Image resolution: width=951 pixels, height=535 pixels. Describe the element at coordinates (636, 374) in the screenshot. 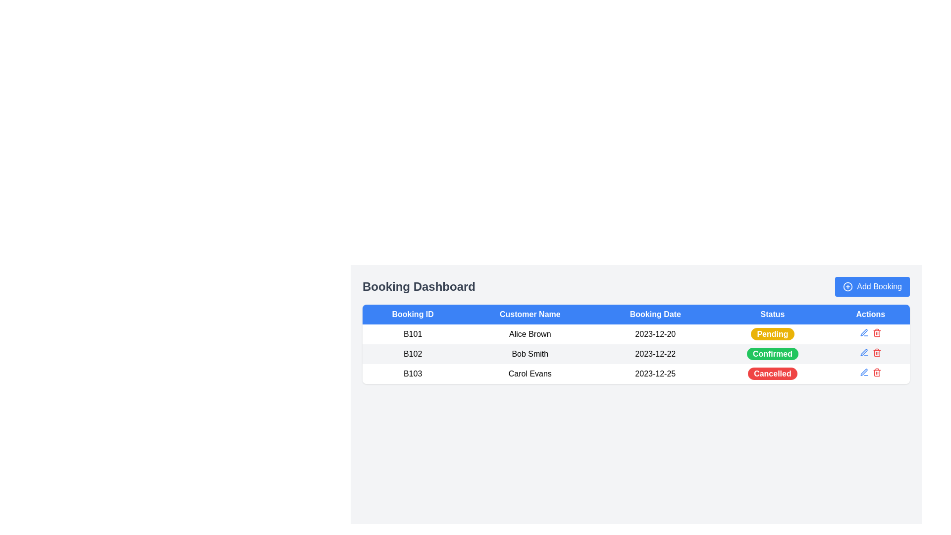

I see `the third table row in the Booking Dashboard` at that location.